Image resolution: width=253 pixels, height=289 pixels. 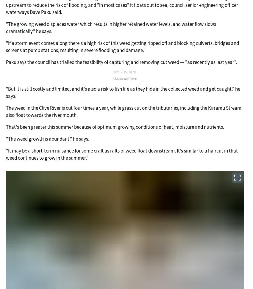 What do you see at coordinates (122, 46) in the screenshot?
I see `'"If a storm event comes along there's a high risk of this weed getting ripped off and blocking culverts, bridges and screens at pump stations, resulting in severe flooding and damage."'` at bounding box center [122, 46].